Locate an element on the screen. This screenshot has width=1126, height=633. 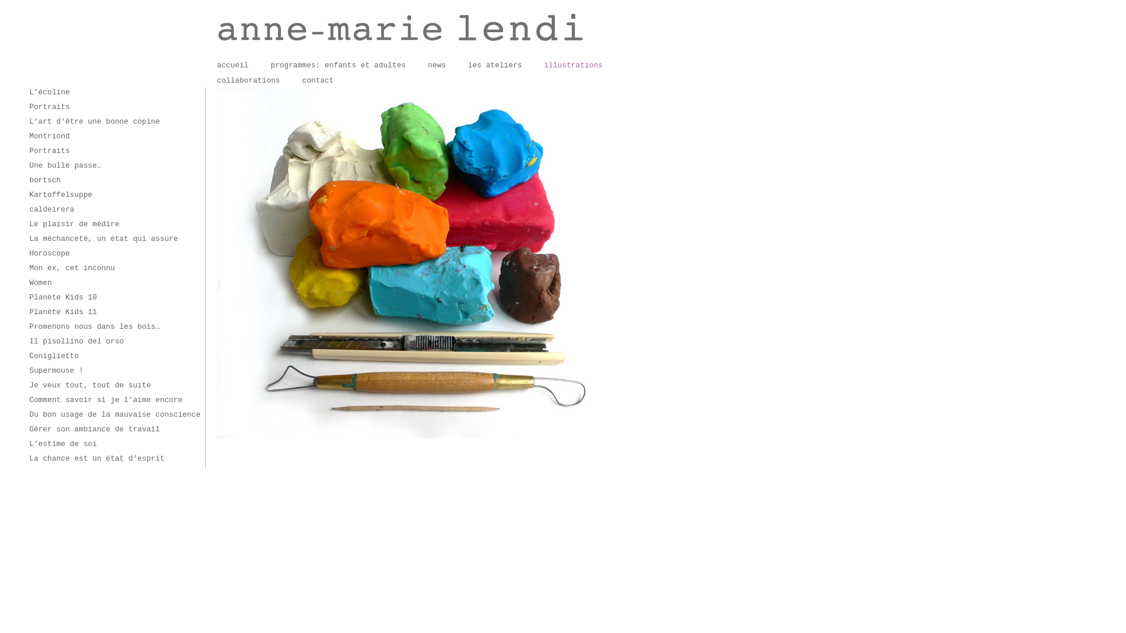
'illustrations' is located at coordinates (574, 65).